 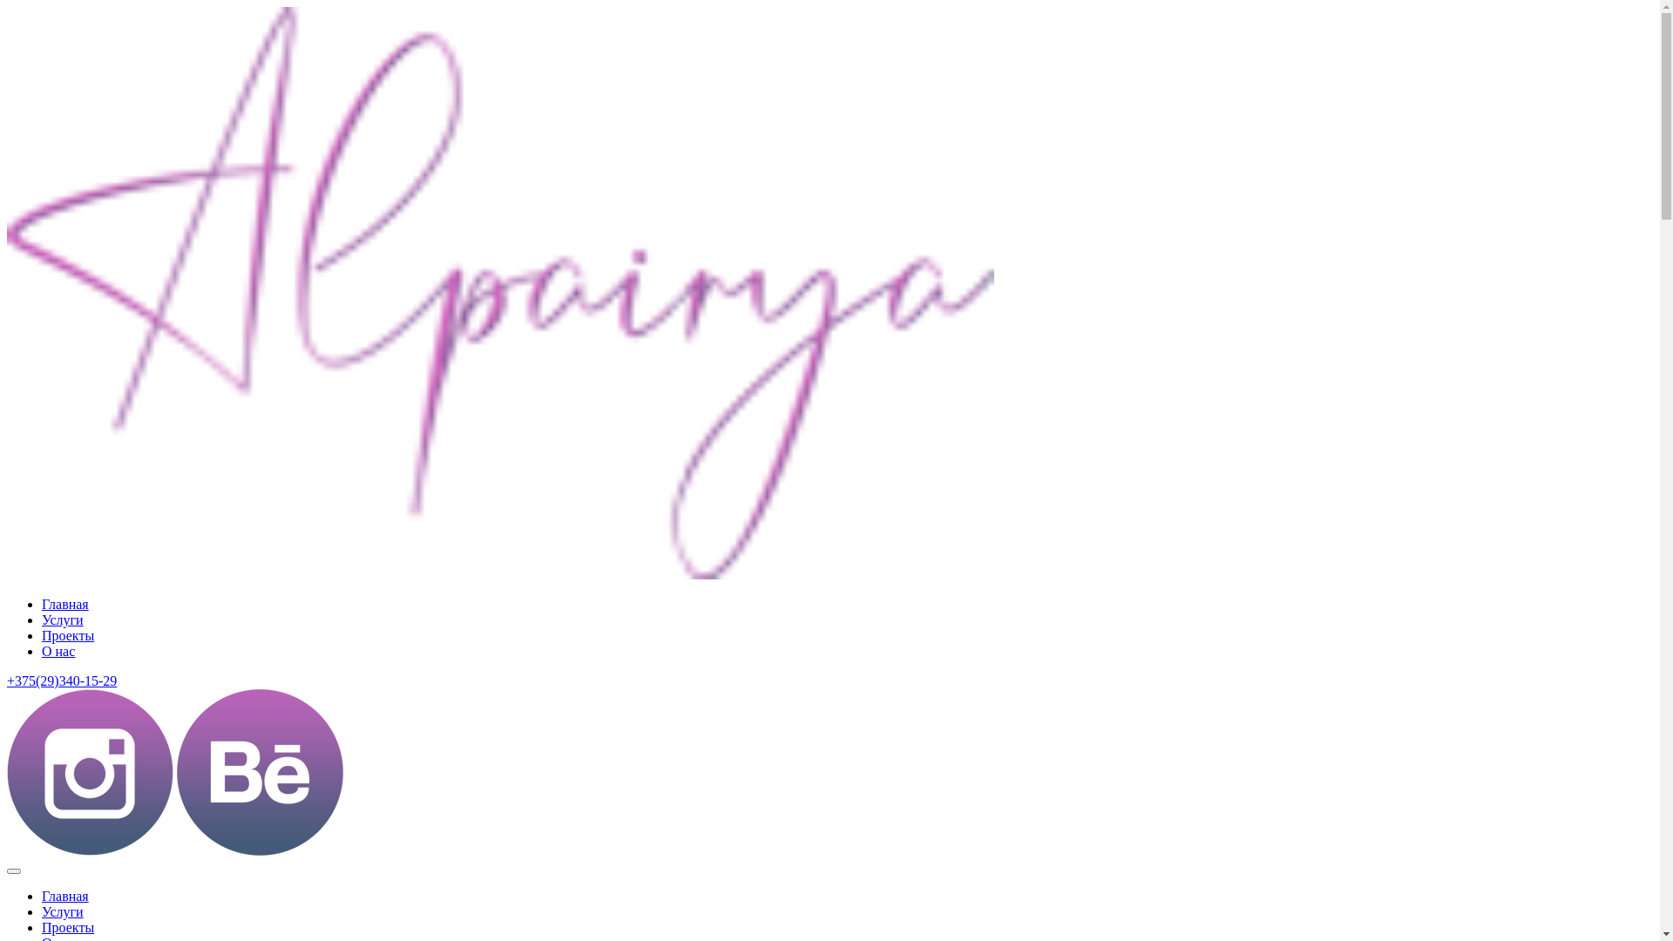 I want to click on '+375(29)340-15-29', so click(x=62, y=680).